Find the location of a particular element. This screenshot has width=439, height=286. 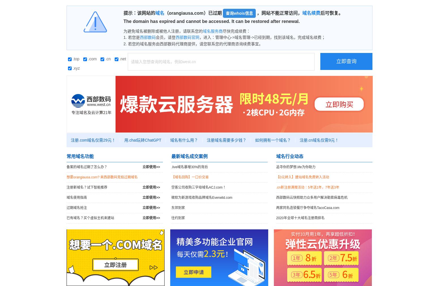

'.net' is located at coordinates (118, 58).